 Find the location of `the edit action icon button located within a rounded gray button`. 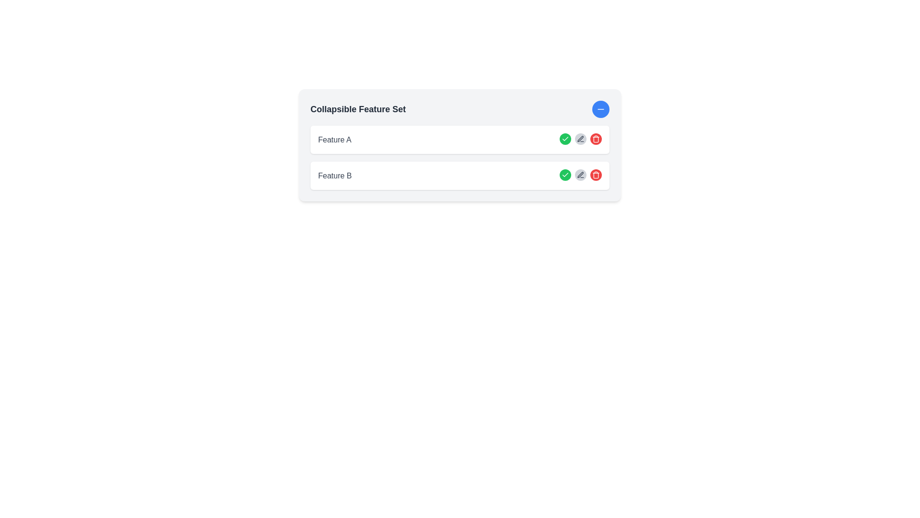

the edit action icon button located within a rounded gray button is located at coordinates (580, 175).